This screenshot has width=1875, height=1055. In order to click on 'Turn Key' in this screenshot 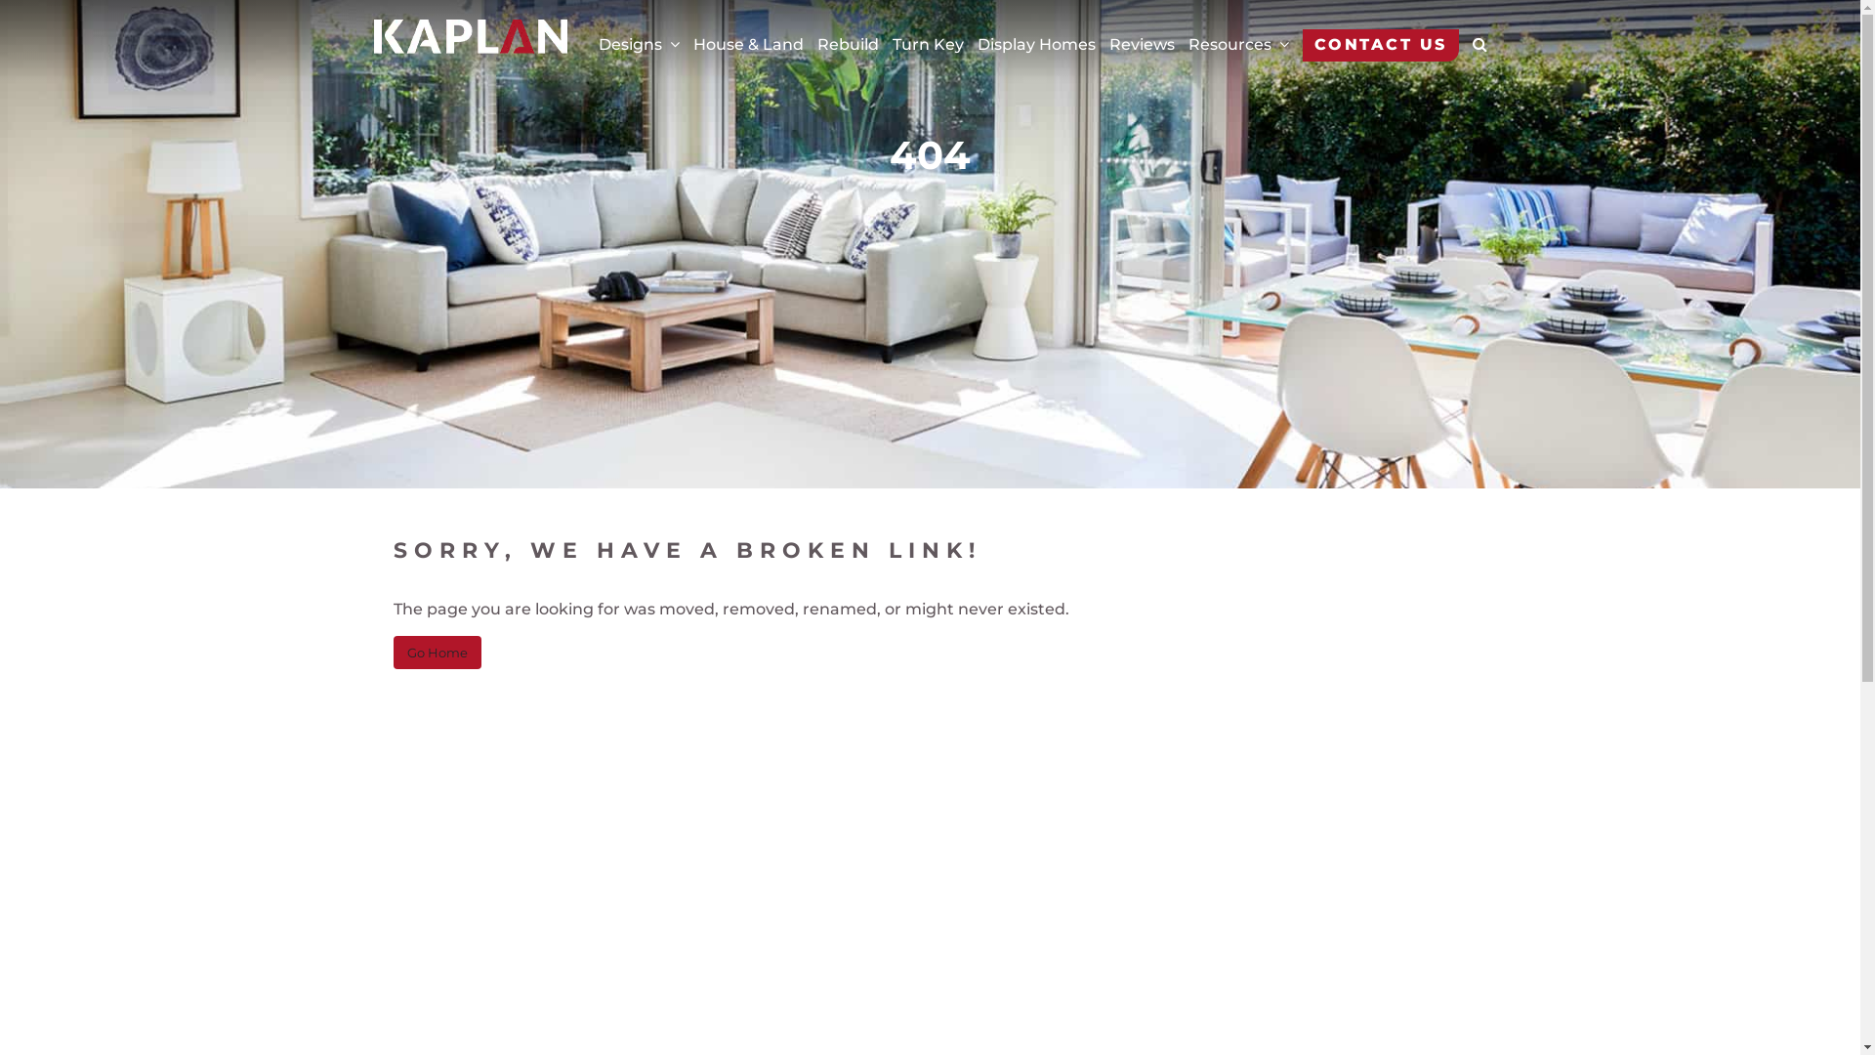, I will do `click(927, 44)`.